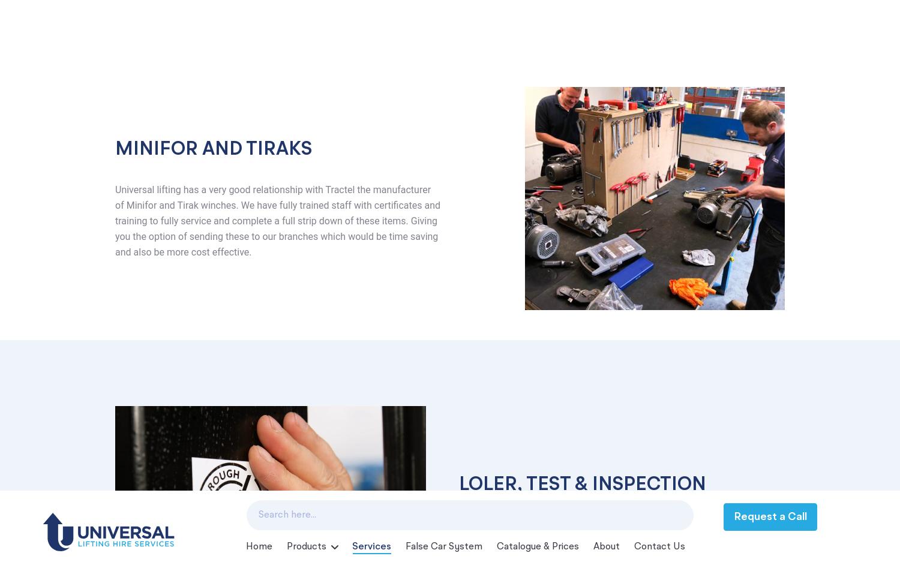  Describe the element at coordinates (395, 320) in the screenshot. I see `'Quick Navigation'` at that location.